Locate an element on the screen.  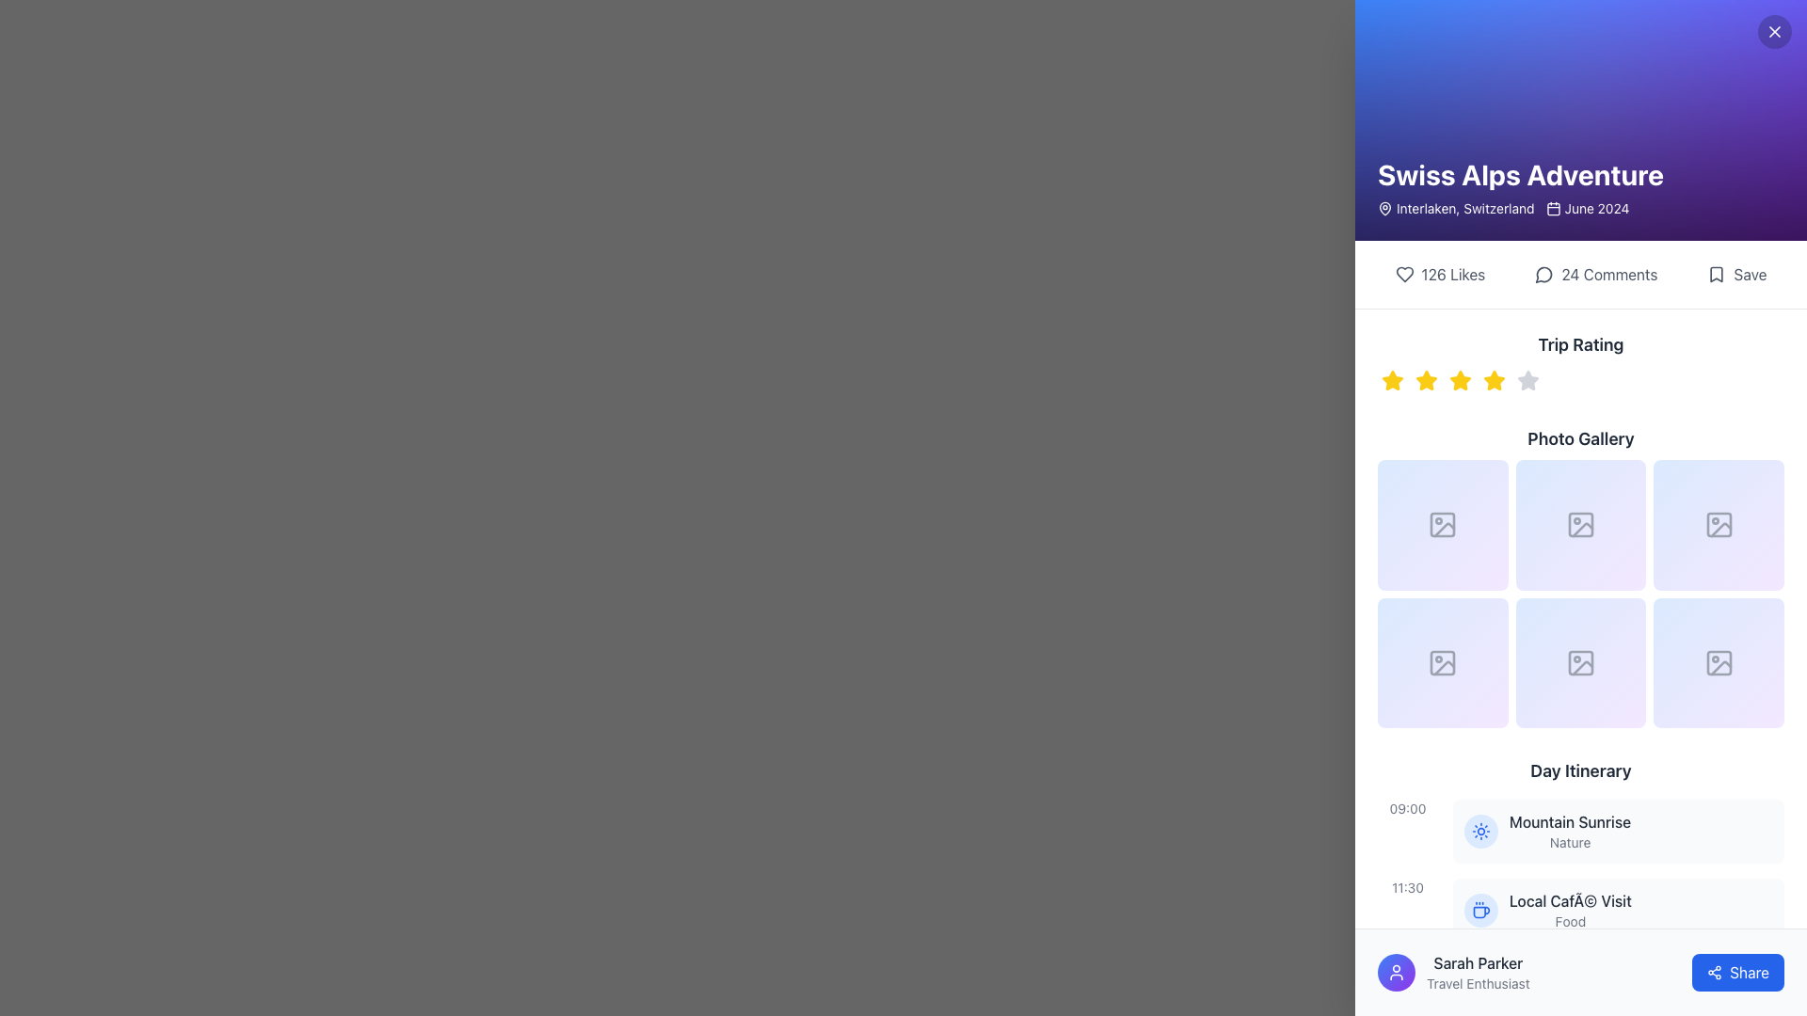
the star in the rating control beneath the title 'Trip Rating' is located at coordinates (1581, 381).